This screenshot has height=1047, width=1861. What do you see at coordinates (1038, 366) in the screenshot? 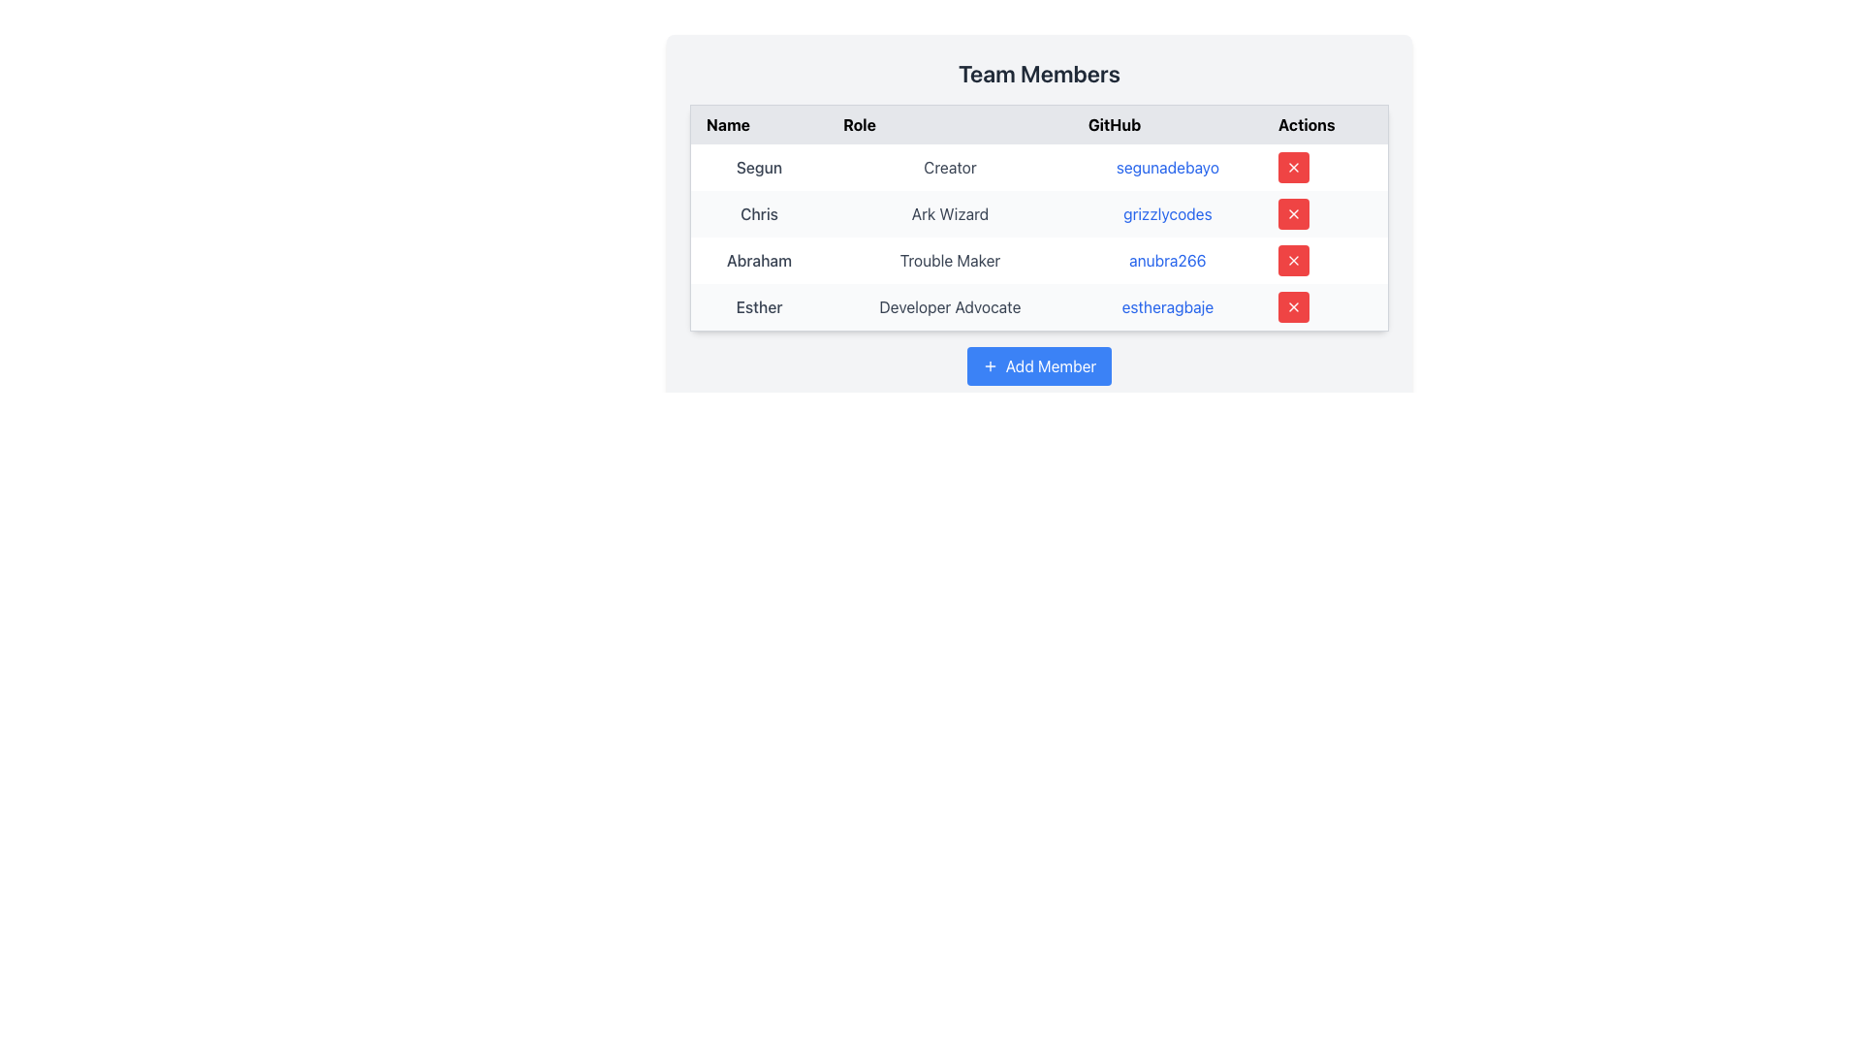
I see `the 'Add Member' button positioned below the 'Team Members' table` at bounding box center [1038, 366].